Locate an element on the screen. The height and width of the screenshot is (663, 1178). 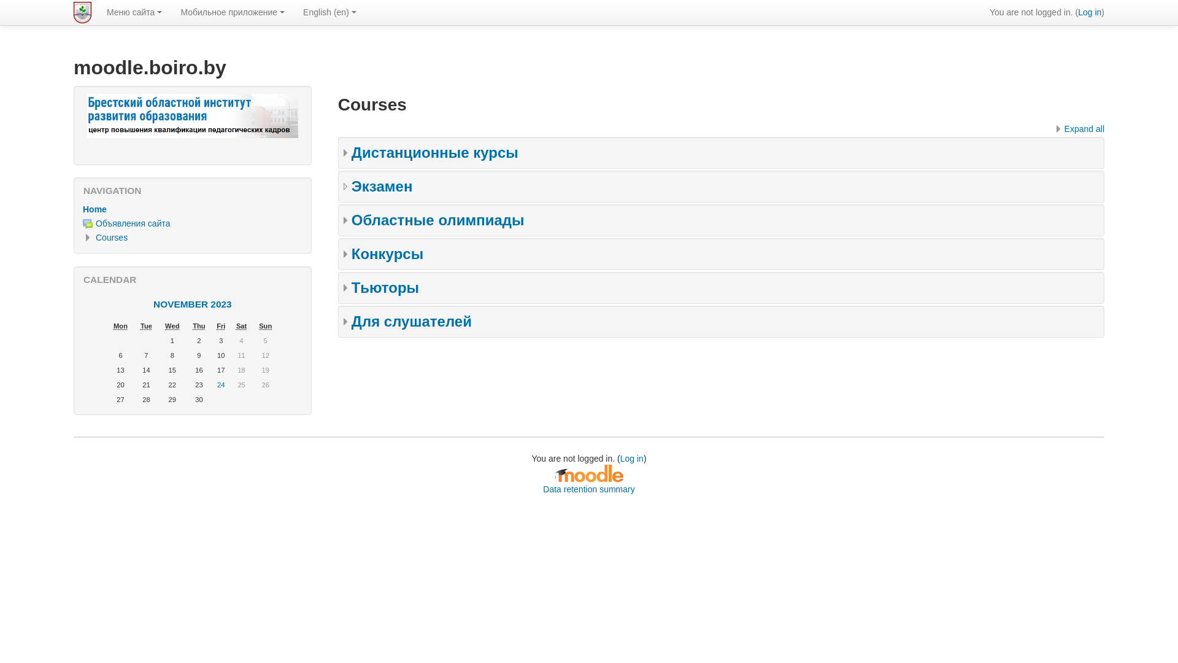
'Moodle' is located at coordinates (553, 473).